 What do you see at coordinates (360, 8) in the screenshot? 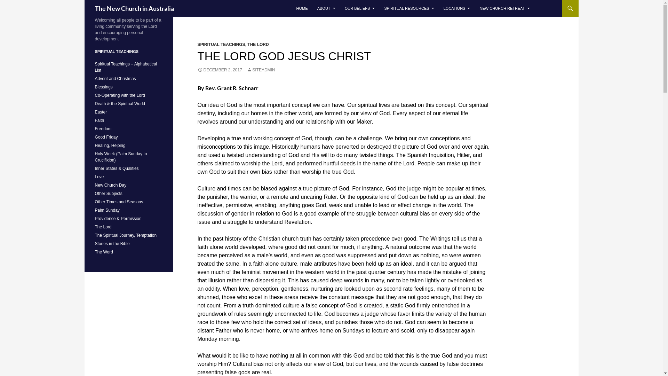
I see `'OUR BELIEFS'` at bounding box center [360, 8].